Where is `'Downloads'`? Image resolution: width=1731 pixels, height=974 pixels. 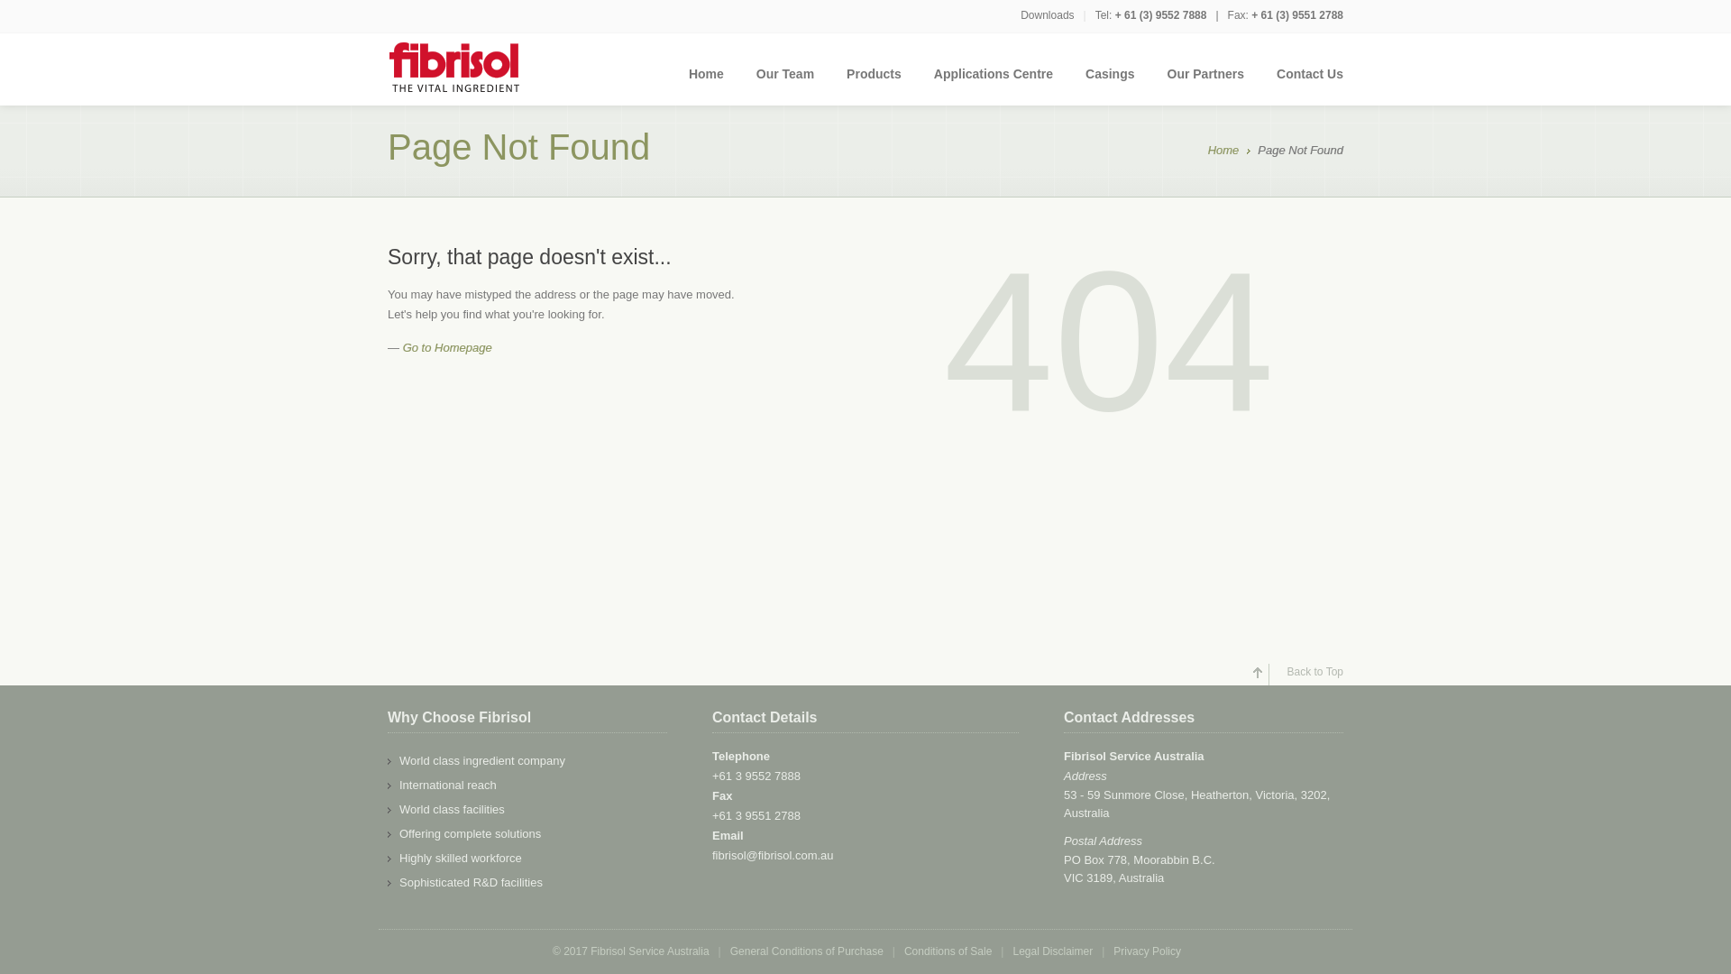
'Downloads' is located at coordinates (1047, 14).